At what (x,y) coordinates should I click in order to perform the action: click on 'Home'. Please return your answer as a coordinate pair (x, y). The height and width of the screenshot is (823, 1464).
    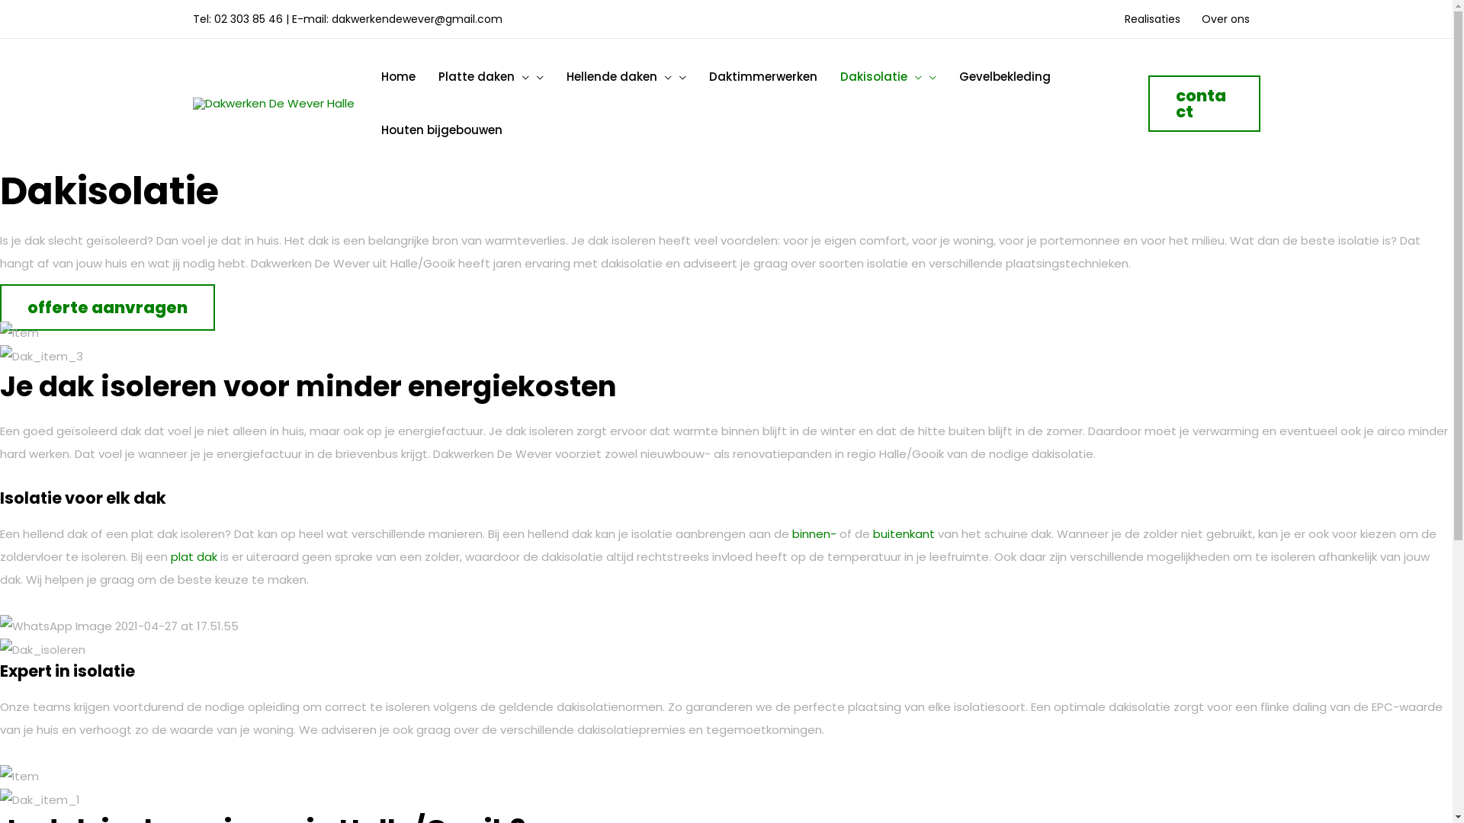
    Looking at the image, I should click on (397, 76).